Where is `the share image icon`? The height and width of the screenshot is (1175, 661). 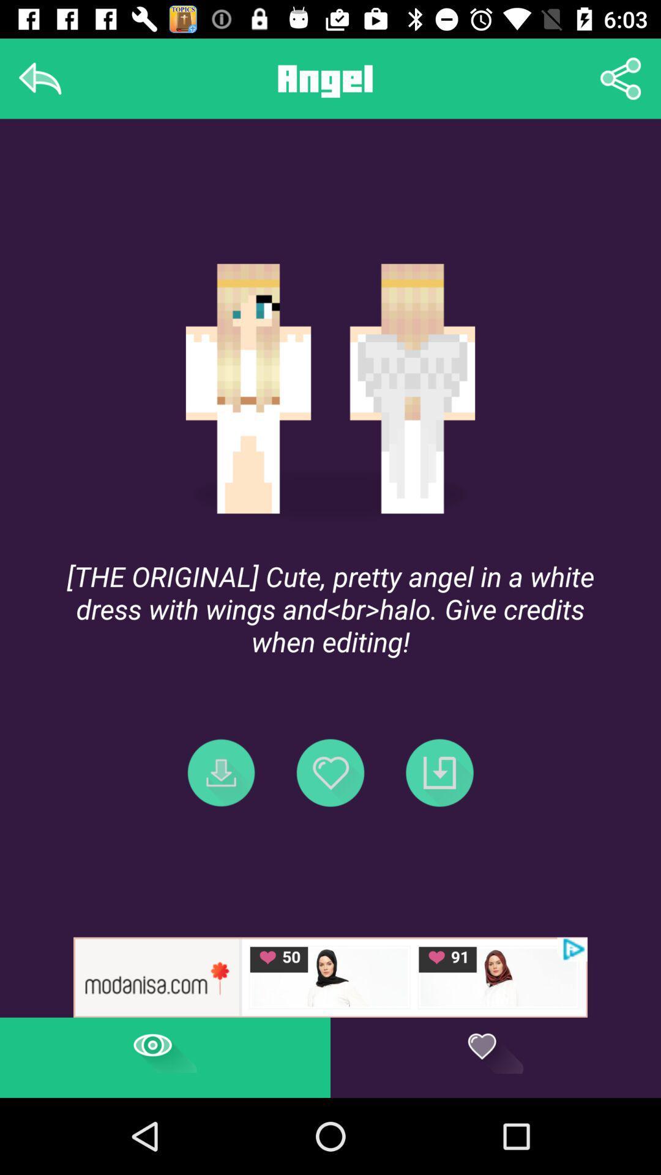 the share image icon is located at coordinates (621, 78).